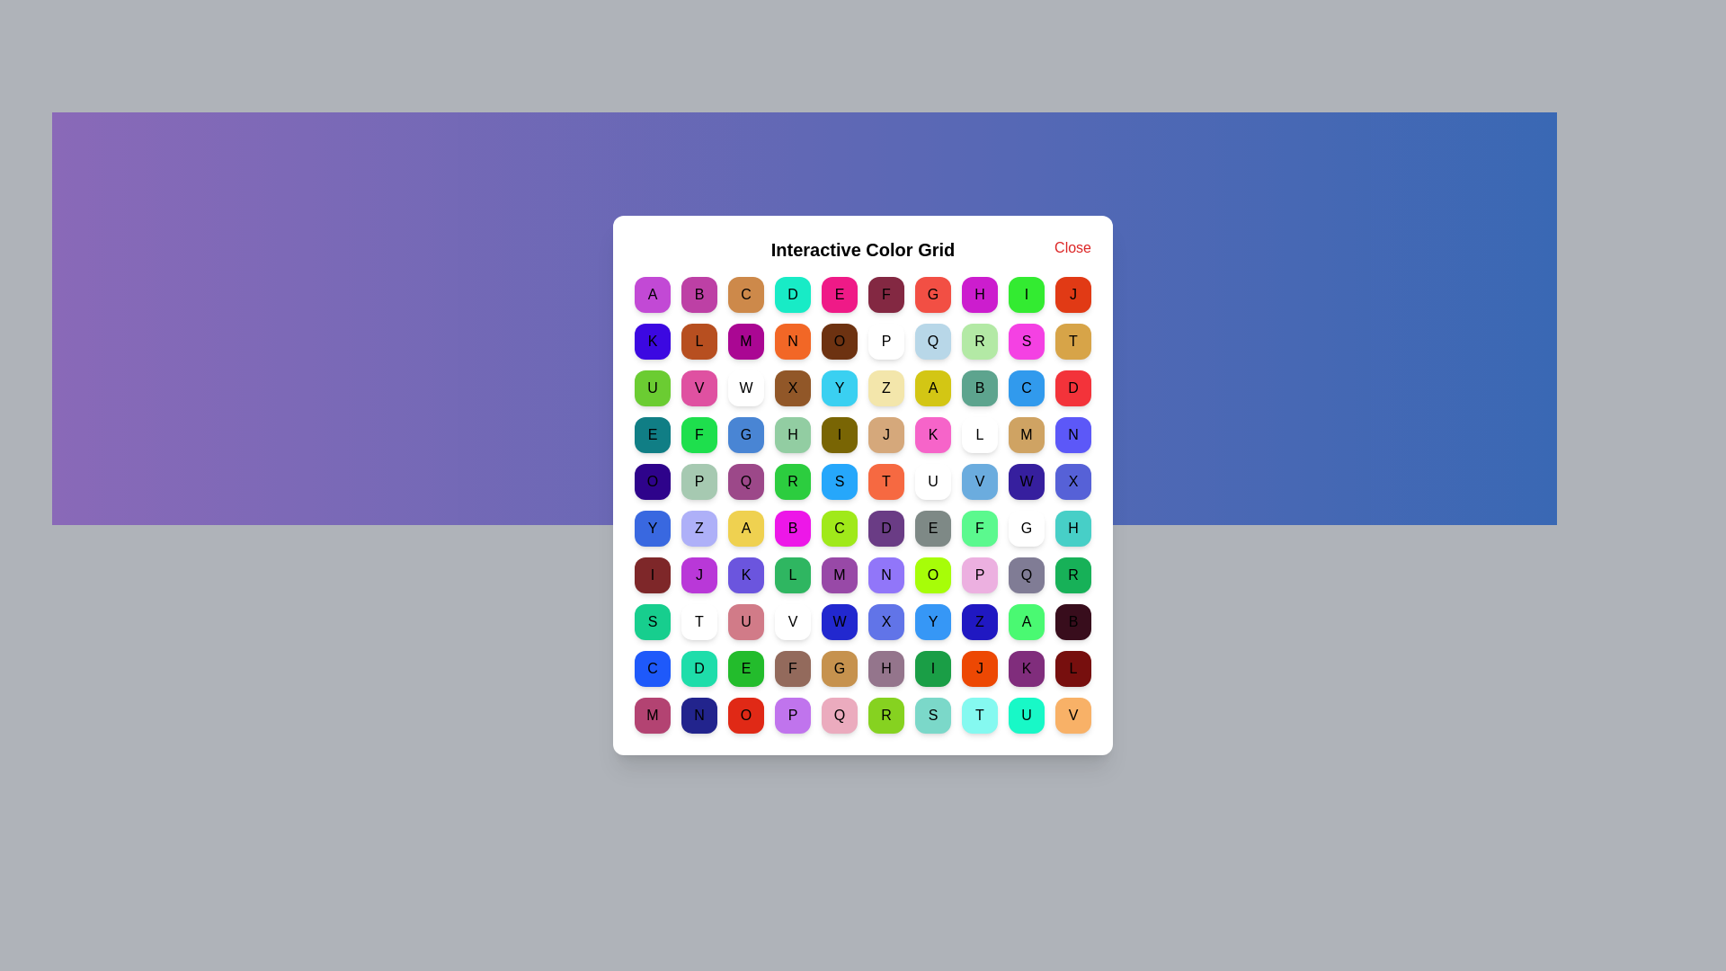 The width and height of the screenshot is (1726, 971). What do you see at coordinates (651, 388) in the screenshot?
I see `the grid cell labeled U to view its color message` at bounding box center [651, 388].